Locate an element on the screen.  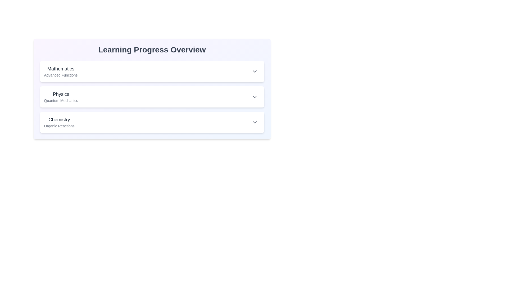
the 'Mathematics' text label, which is bold and prominent, located in the top-left corner of the section labeled 'Mathematics Advanced Functions' is located at coordinates (61, 68).